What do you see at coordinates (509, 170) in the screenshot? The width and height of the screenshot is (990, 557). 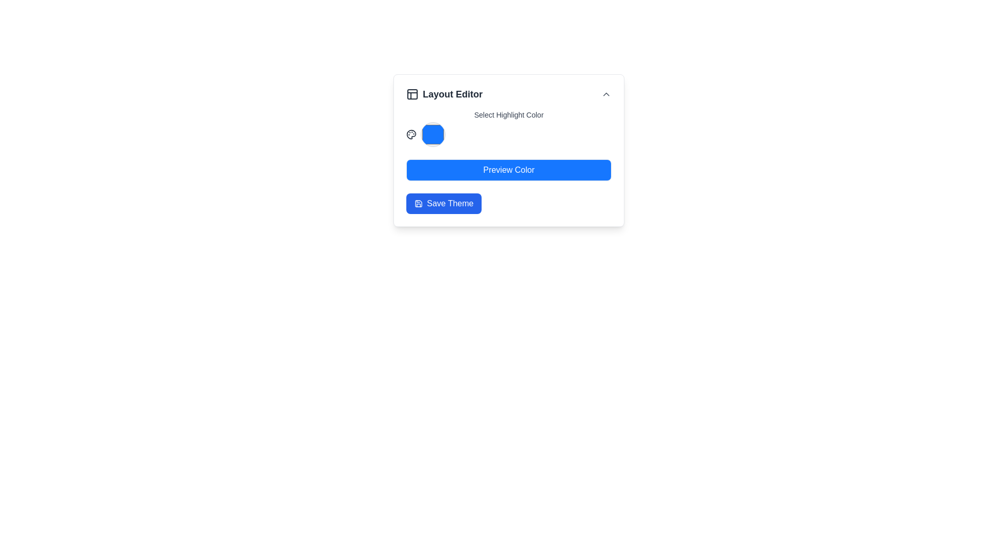 I see `the static informational block that displays the preview of the selected color, located below the color selection interface and above the 'Save Theme' button` at bounding box center [509, 170].